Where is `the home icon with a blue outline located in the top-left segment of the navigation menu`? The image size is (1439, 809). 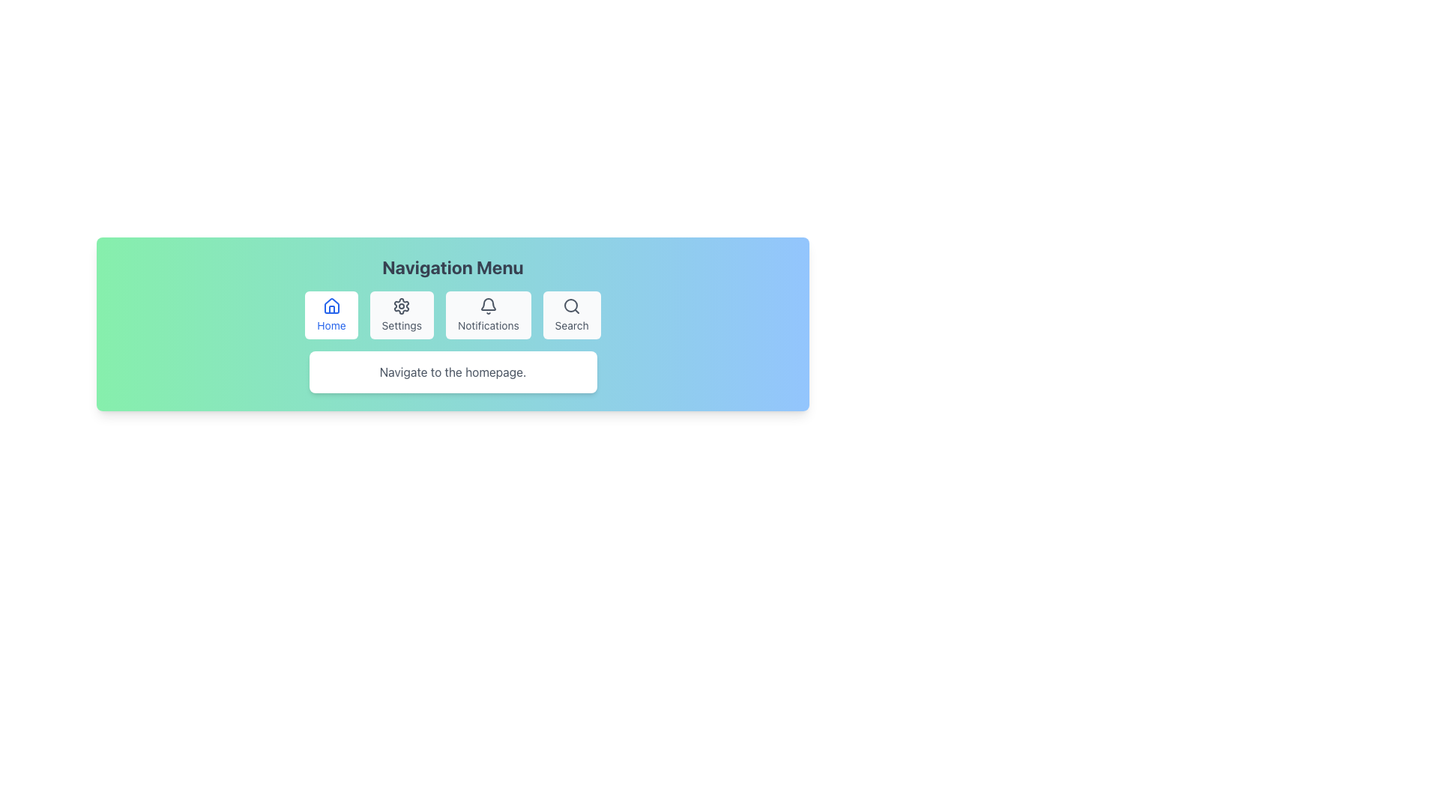
the home icon with a blue outline located in the top-left segment of the navigation menu is located at coordinates (331, 305).